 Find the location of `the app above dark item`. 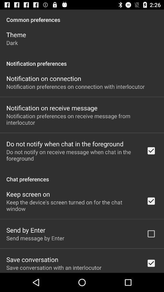

the app above dark item is located at coordinates (16, 35).